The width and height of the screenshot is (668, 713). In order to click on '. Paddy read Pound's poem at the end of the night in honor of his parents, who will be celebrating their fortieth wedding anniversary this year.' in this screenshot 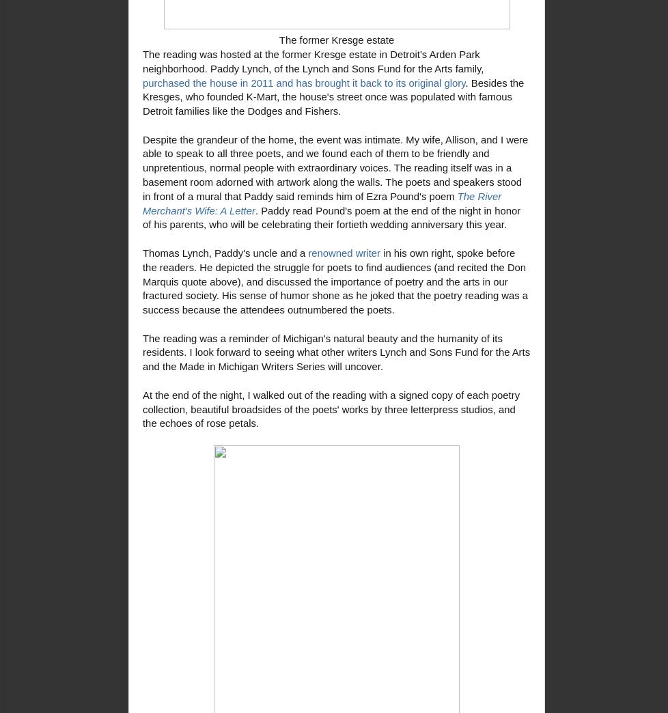, I will do `click(331, 216)`.